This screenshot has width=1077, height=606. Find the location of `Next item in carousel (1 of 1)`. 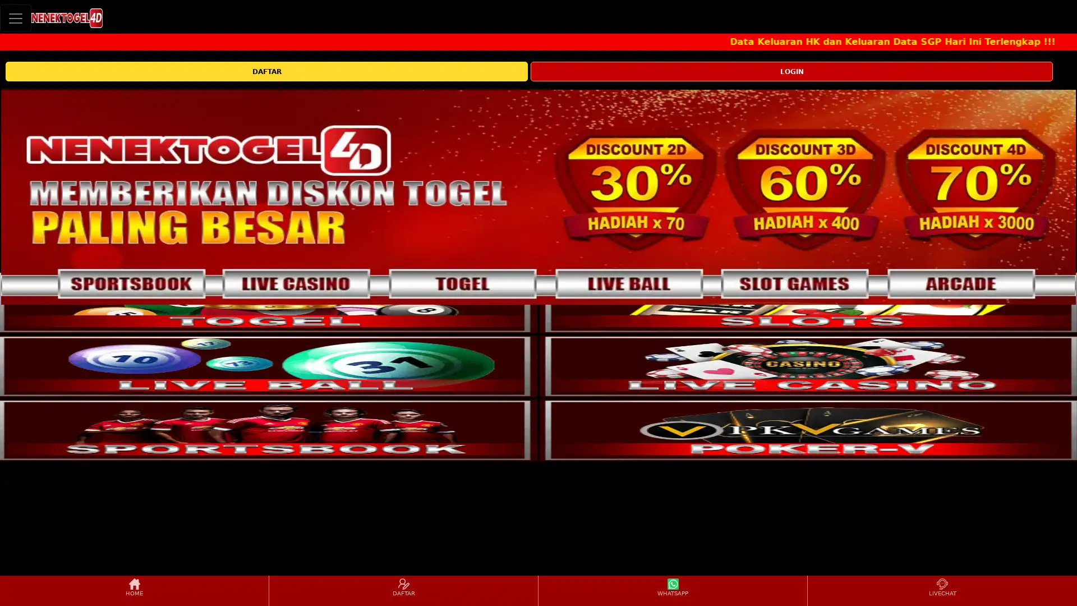

Next item in carousel (1 of 1) is located at coordinates (1066, 196).